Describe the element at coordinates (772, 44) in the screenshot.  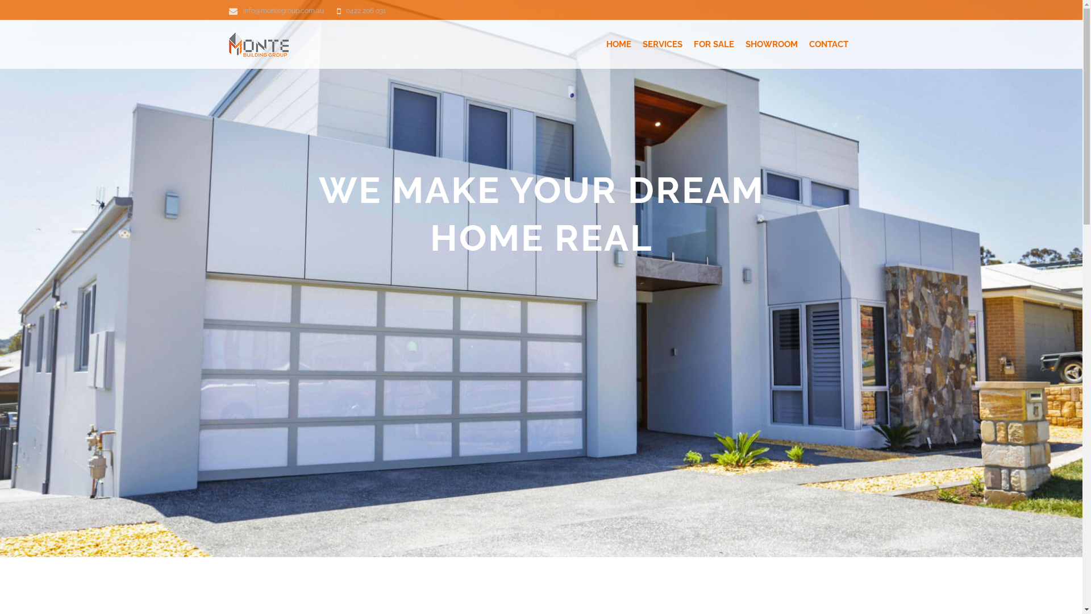
I see `'SHOWROOM'` at that location.